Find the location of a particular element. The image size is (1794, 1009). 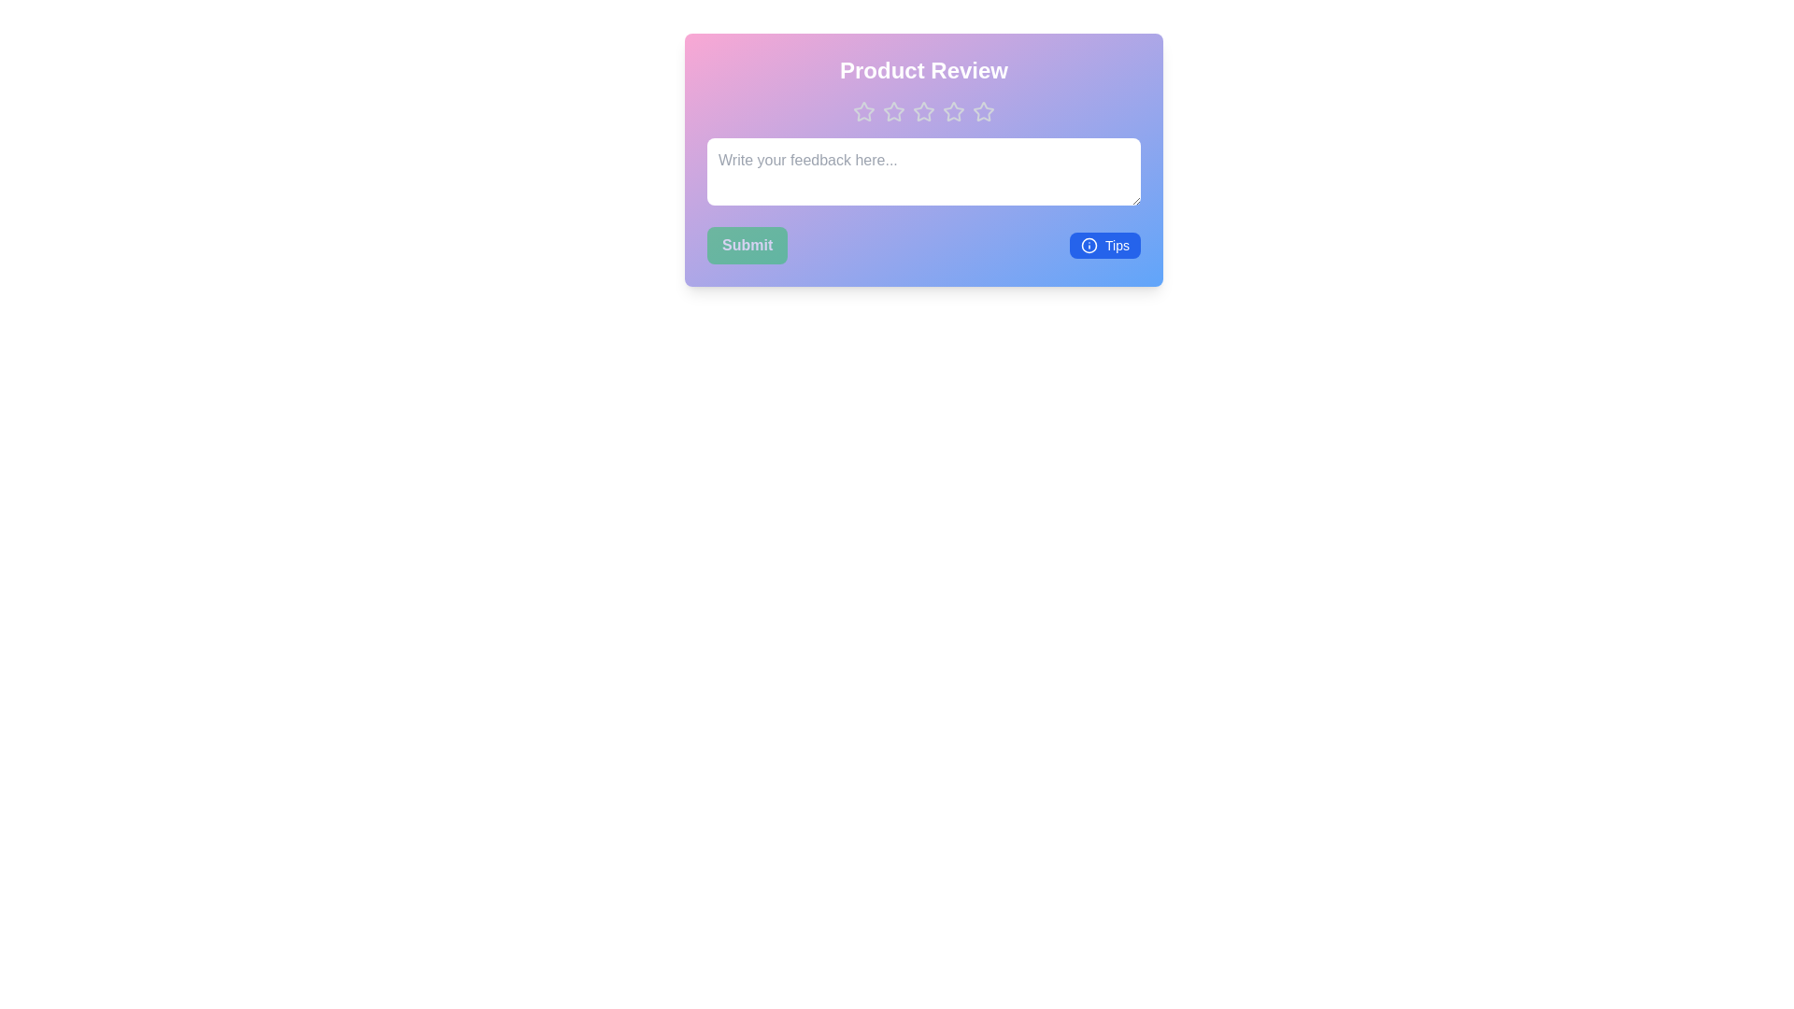

the 'Tips' button to view tips is located at coordinates (1104, 244).